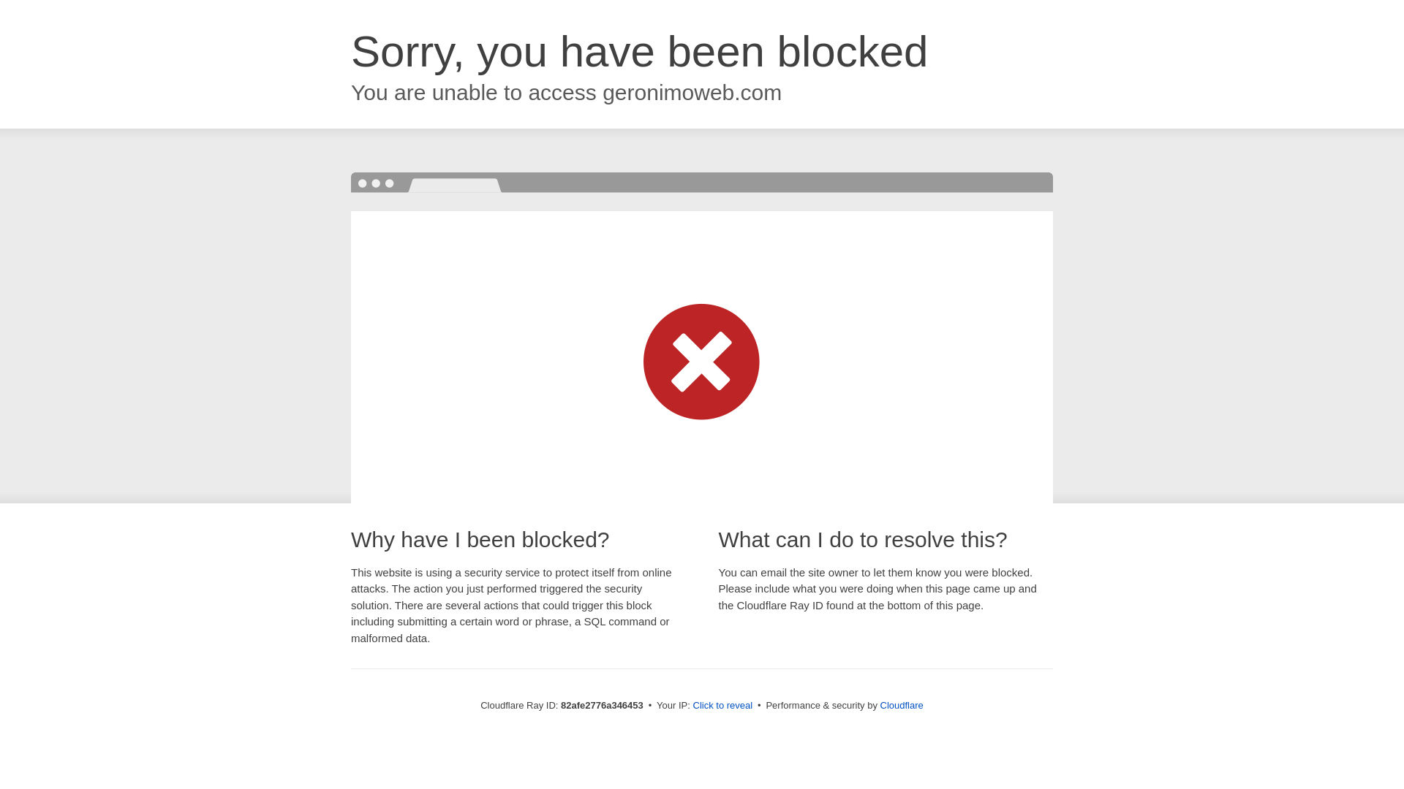 This screenshot has width=1404, height=789. Describe the element at coordinates (880, 704) in the screenshot. I see `'Cloudflare'` at that location.